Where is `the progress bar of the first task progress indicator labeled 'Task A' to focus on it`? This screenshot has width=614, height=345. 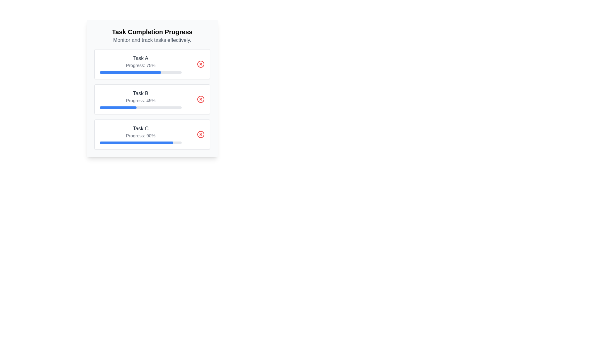 the progress bar of the first task progress indicator labeled 'Task A' to focus on it is located at coordinates (140, 64).